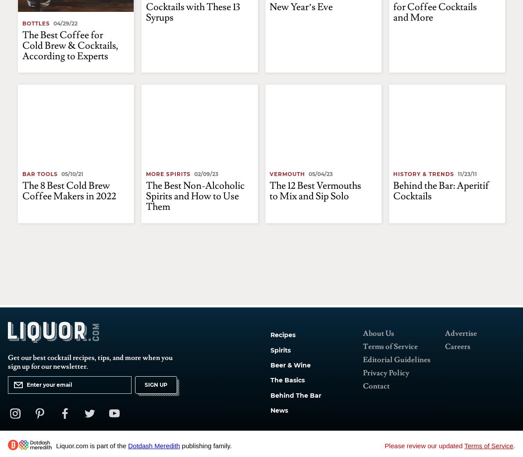 The width and height of the screenshot is (523, 457). Describe the element at coordinates (315, 190) in the screenshot. I see `'The 12 Best Vermouths to Mix and Sip Solo'` at that location.